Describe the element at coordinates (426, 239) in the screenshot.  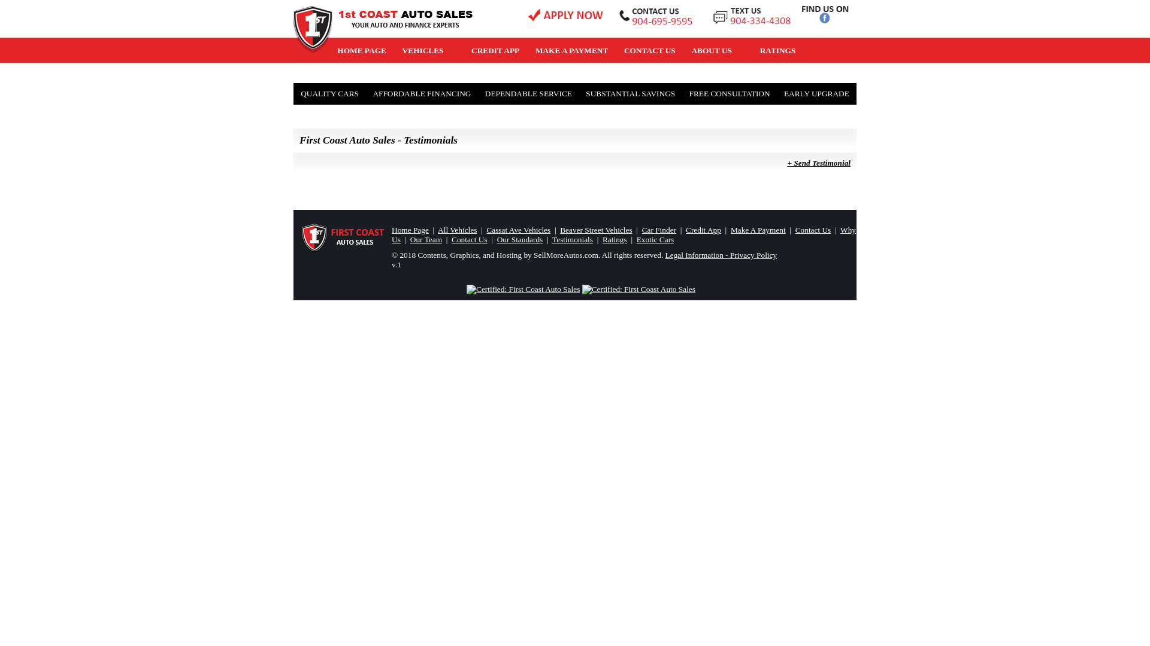
I see `'Our Team'` at that location.